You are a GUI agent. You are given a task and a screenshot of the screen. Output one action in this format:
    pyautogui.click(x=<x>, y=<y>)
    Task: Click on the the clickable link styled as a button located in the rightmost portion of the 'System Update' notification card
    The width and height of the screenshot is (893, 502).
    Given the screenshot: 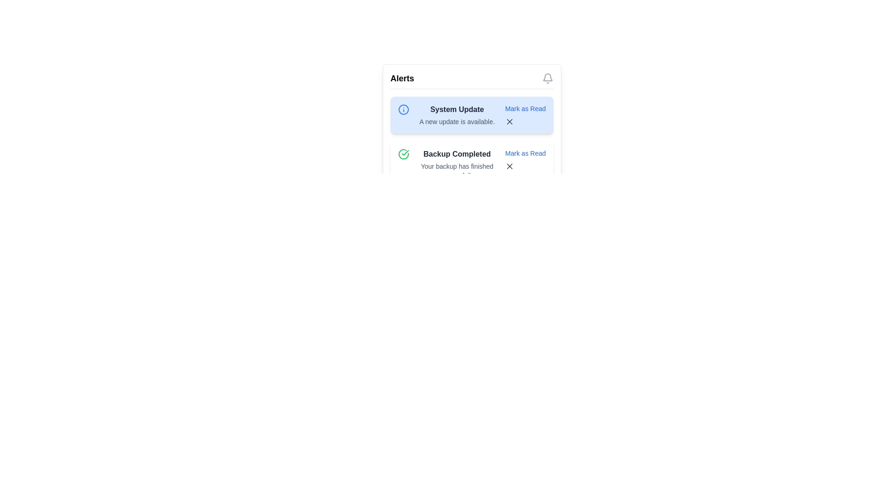 What is the action you would take?
    pyautogui.click(x=525, y=114)
    